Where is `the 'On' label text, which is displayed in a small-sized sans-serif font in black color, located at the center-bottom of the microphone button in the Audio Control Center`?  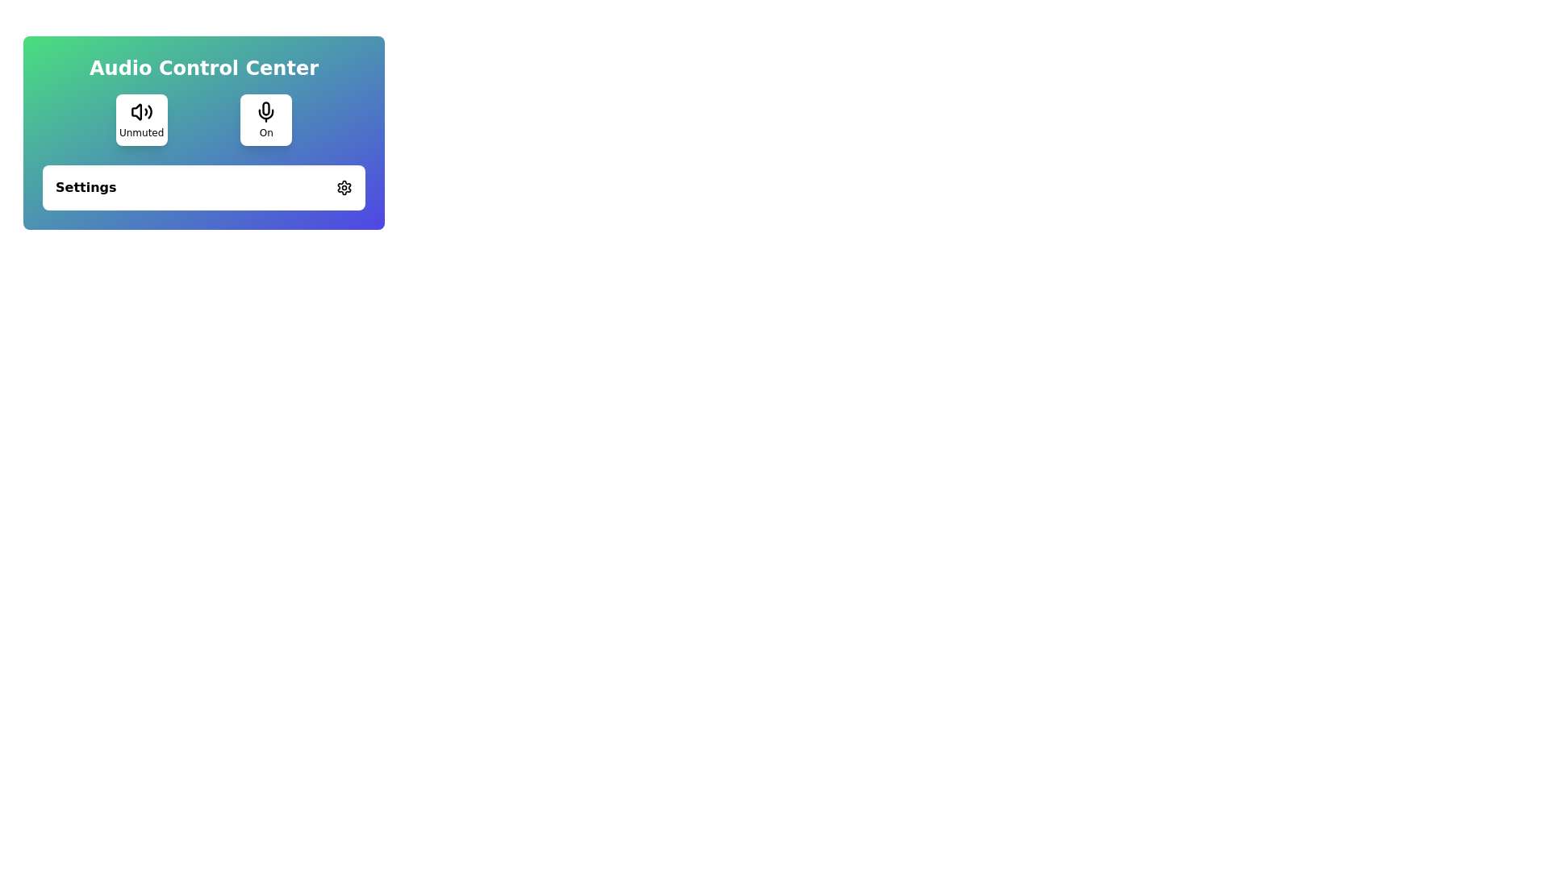
the 'On' label text, which is displayed in a small-sized sans-serif font in black color, located at the center-bottom of the microphone button in the Audio Control Center is located at coordinates (266, 132).